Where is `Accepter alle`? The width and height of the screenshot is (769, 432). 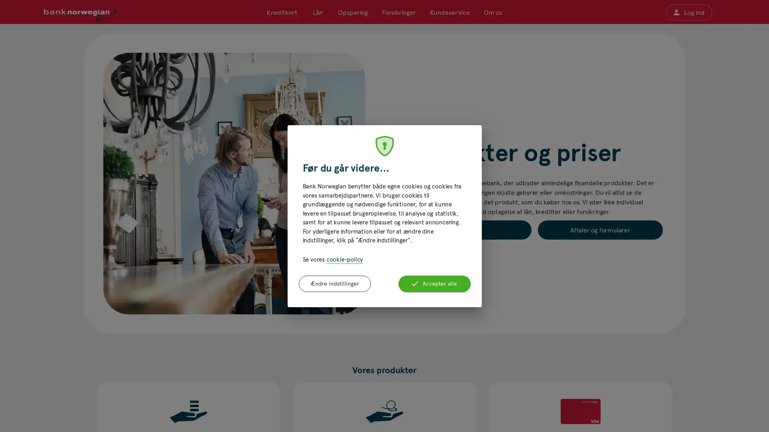 Accepter alle is located at coordinates (434, 283).